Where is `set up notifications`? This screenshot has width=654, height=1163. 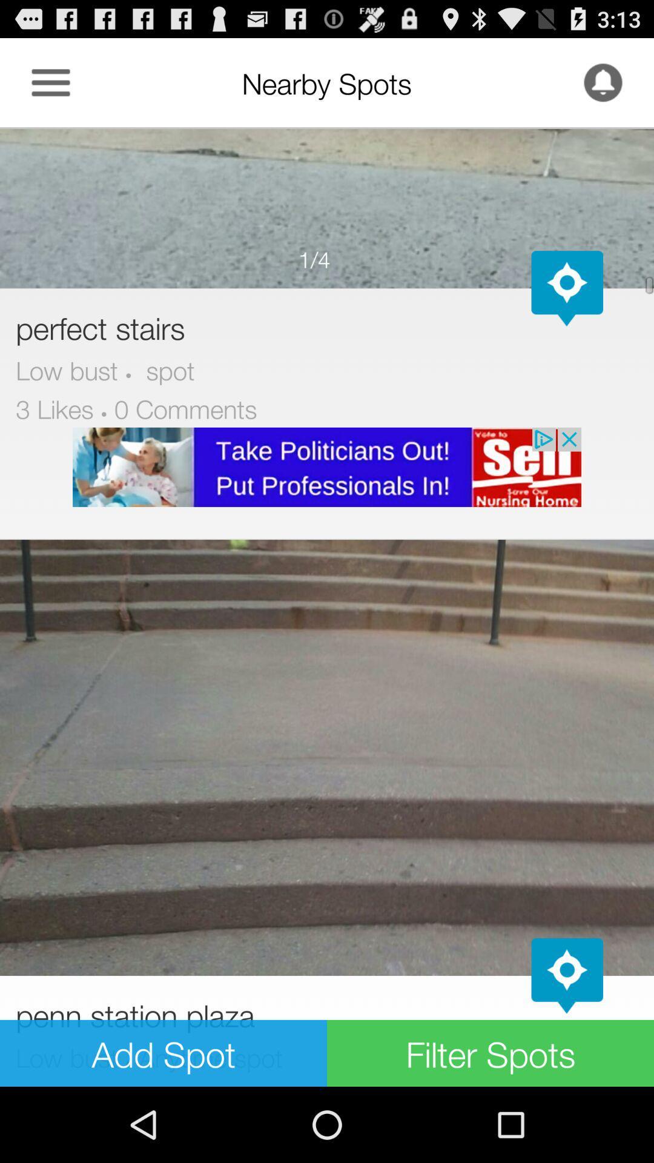
set up notifications is located at coordinates (603, 82).